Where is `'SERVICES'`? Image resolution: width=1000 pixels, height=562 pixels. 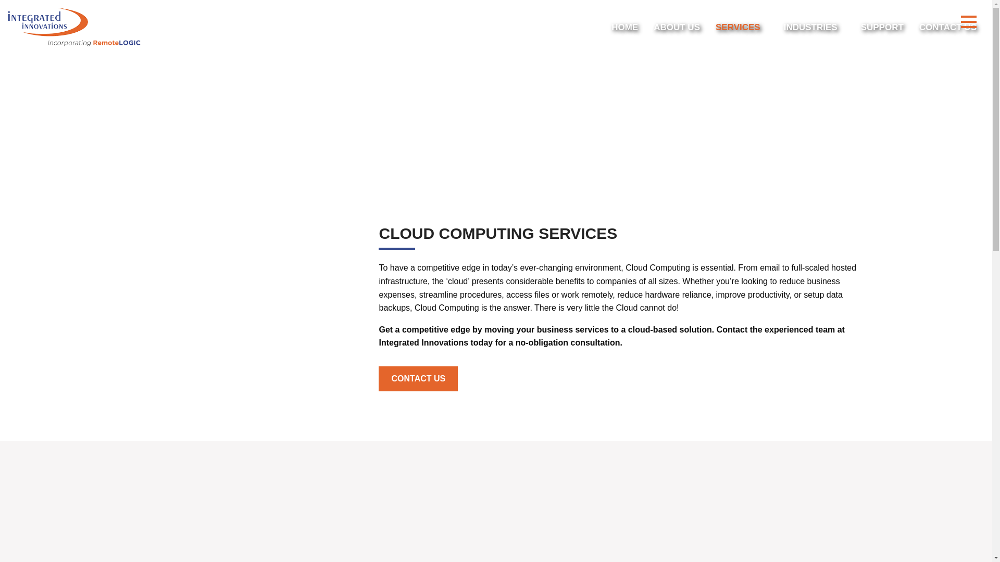
'SERVICES' is located at coordinates (741, 26).